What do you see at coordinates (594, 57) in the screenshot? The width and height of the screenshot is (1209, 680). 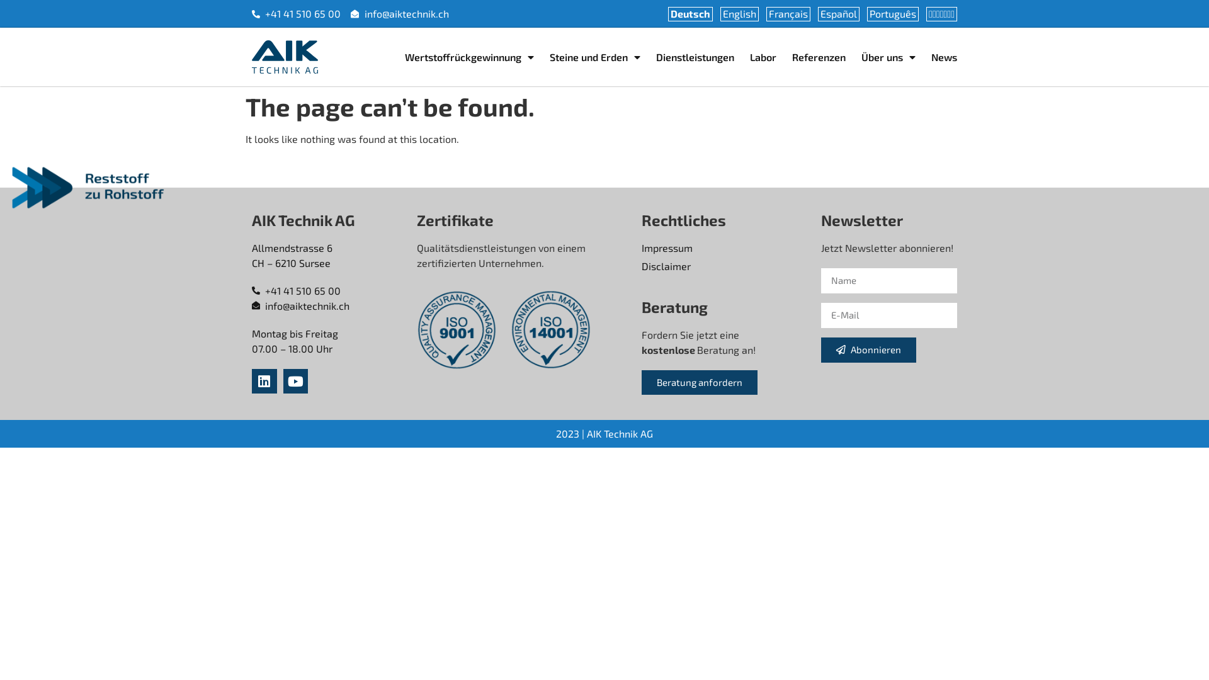 I see `'Steine und Erden'` at bounding box center [594, 57].